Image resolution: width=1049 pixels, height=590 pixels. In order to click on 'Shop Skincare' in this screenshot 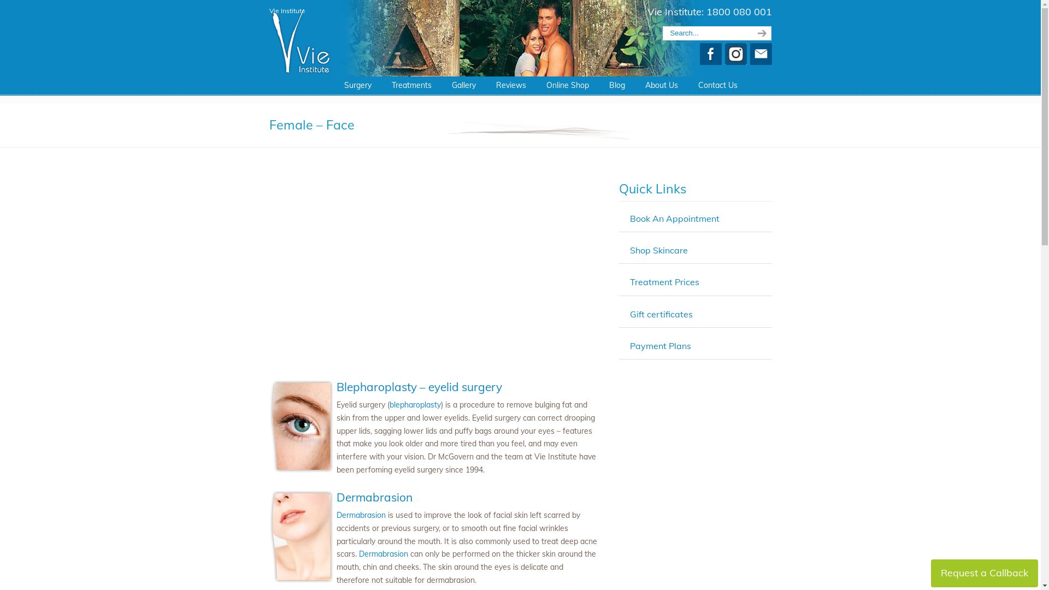, I will do `click(657, 250)`.